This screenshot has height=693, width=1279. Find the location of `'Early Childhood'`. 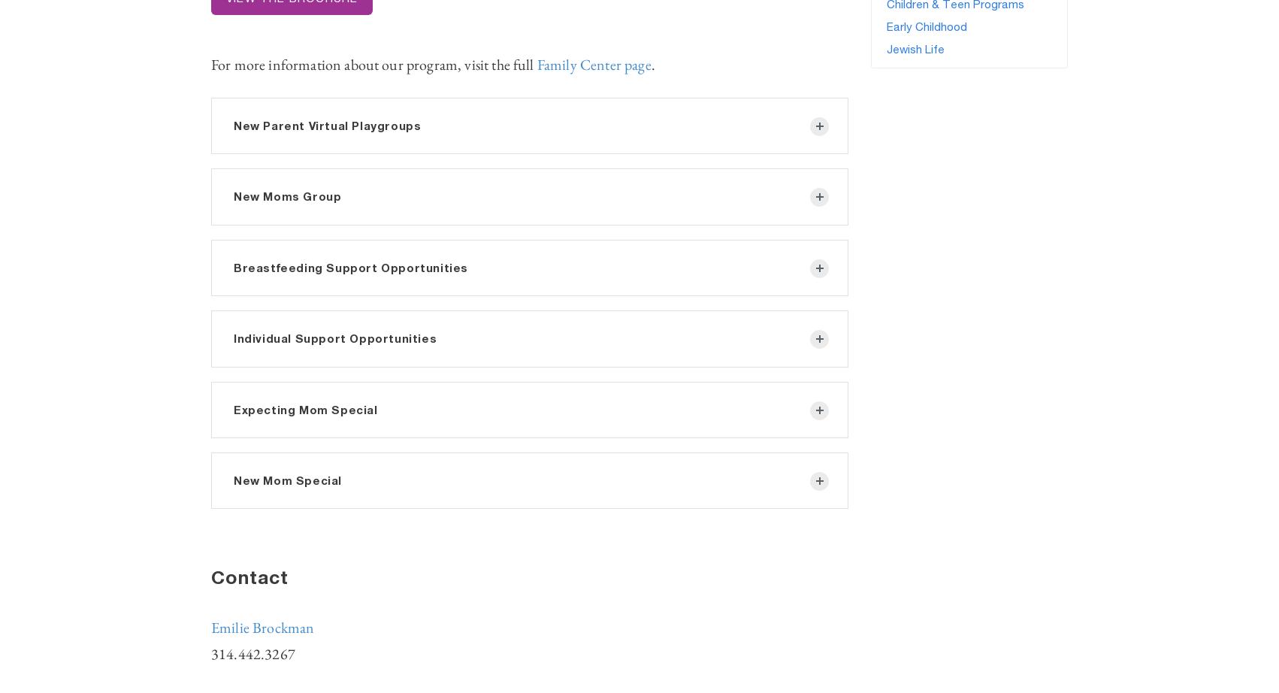

'Early Childhood' is located at coordinates (926, 27).